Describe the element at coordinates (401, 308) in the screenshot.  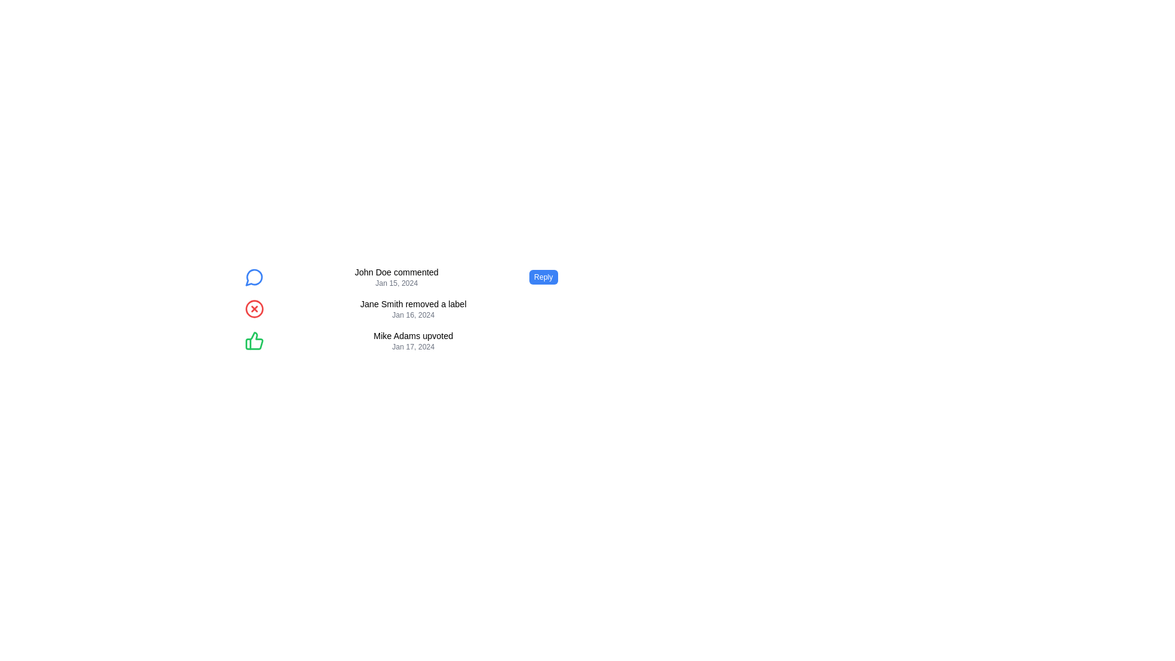
I see `the second entry in the list of activity entries, which shows 'Jane Smith removed a label'` at that location.